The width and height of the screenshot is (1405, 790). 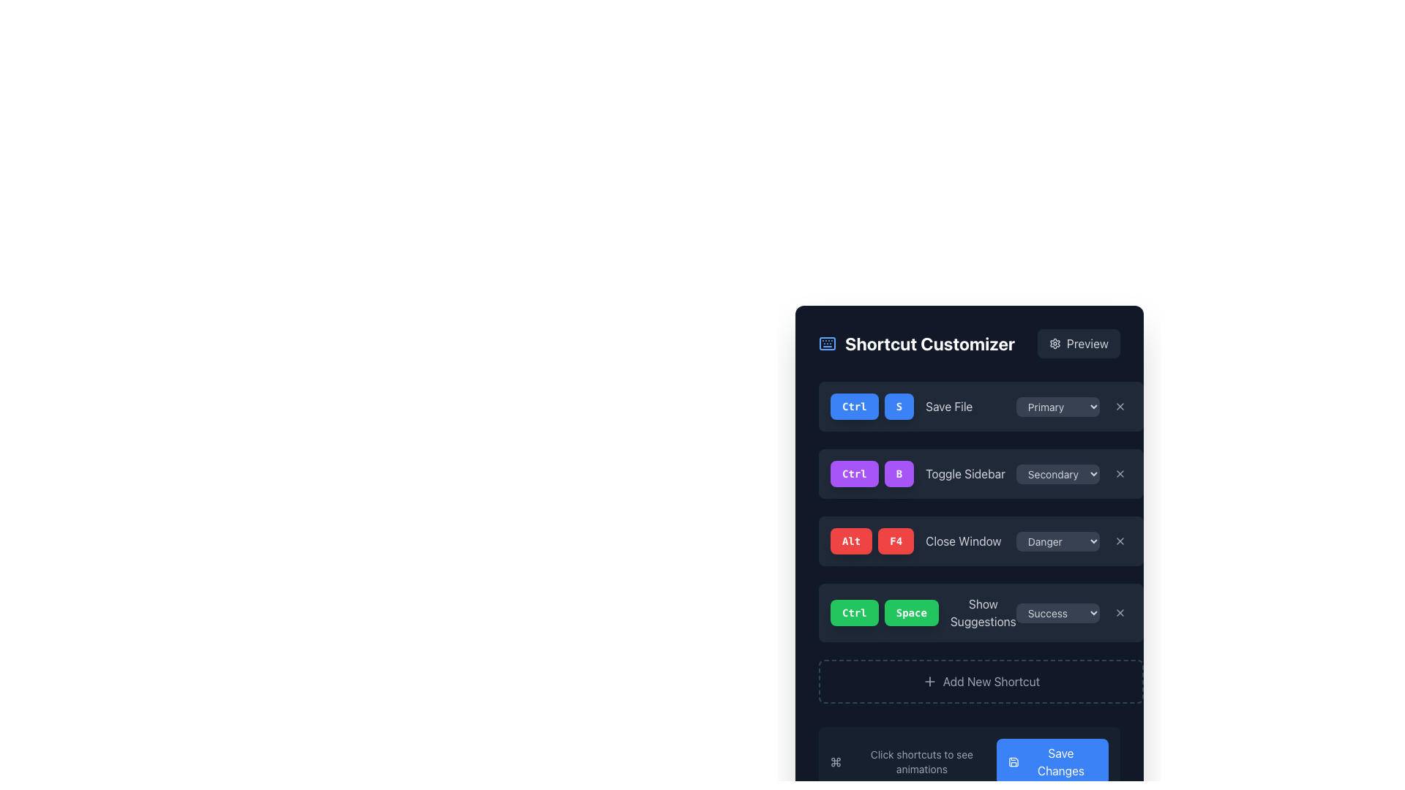 What do you see at coordinates (854, 474) in the screenshot?
I see `the 'Ctrl' button, which is the left button in a horizontal pair within the shortcut customization interface, located in the second row and preceding the 'B' button` at bounding box center [854, 474].